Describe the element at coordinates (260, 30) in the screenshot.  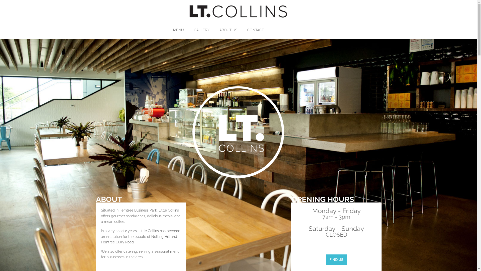
I see `'CONTACT'` at that location.